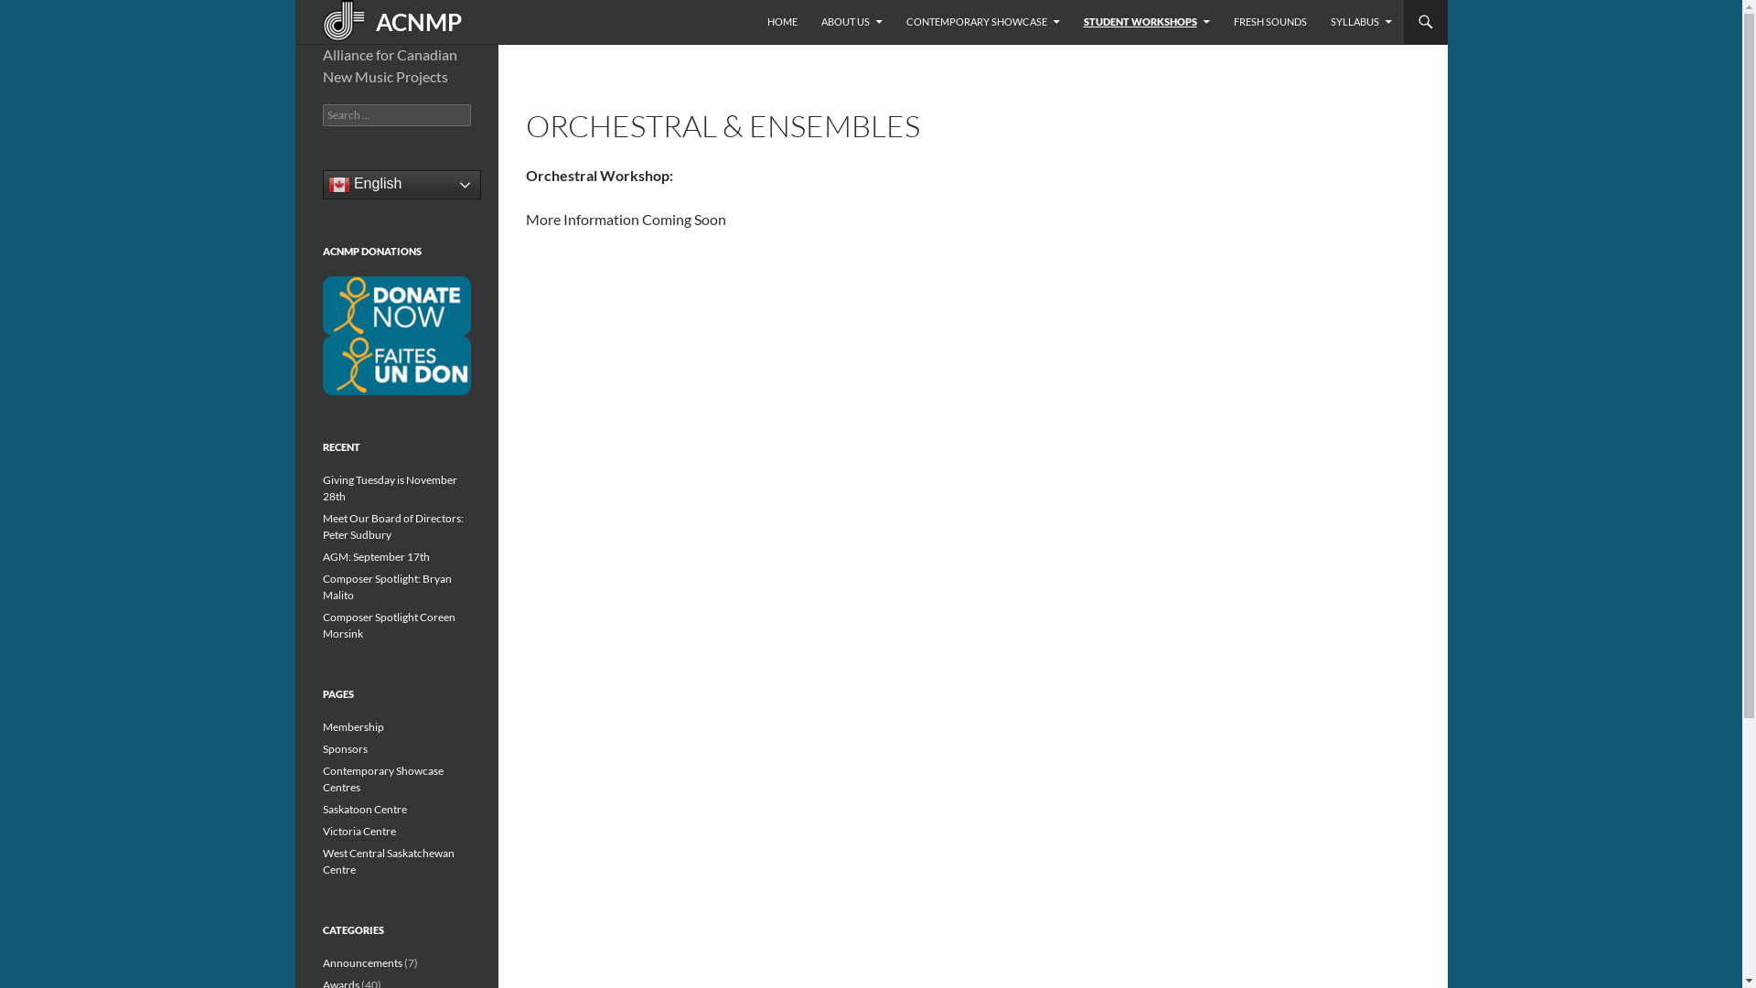 Image resolution: width=1756 pixels, height=988 pixels. I want to click on 'Announcements', so click(321, 961).